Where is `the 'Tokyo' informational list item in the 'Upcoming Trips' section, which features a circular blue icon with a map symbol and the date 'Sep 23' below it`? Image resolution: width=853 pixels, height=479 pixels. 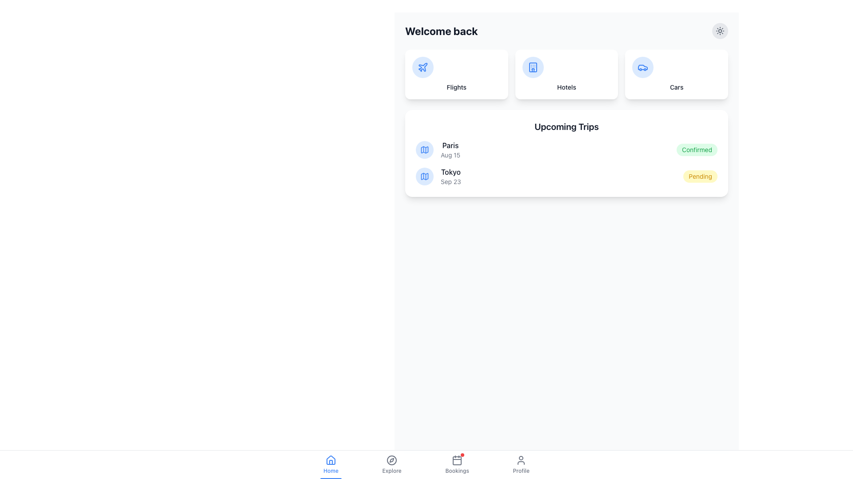
the 'Tokyo' informational list item in the 'Upcoming Trips' section, which features a circular blue icon with a map symbol and the date 'Sep 23' below it is located at coordinates (438, 176).